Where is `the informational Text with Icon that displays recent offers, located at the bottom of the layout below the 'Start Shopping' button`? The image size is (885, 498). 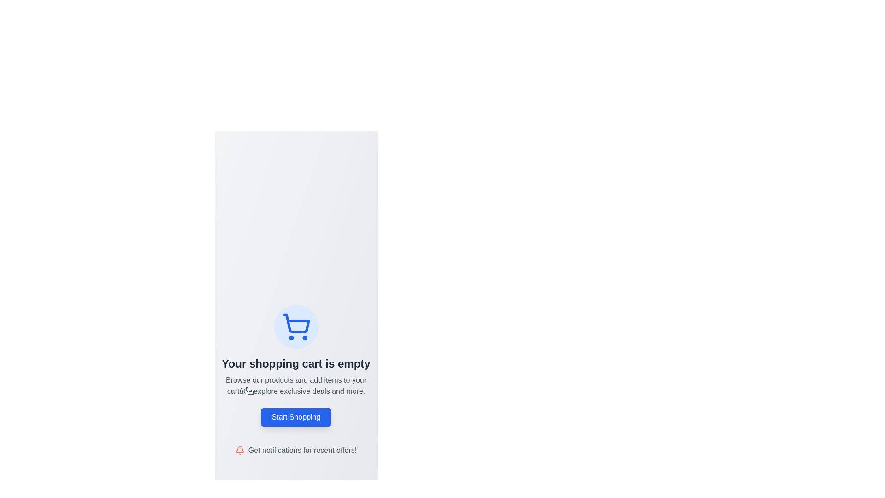 the informational Text with Icon that displays recent offers, located at the bottom of the layout below the 'Start Shopping' button is located at coordinates (296, 450).